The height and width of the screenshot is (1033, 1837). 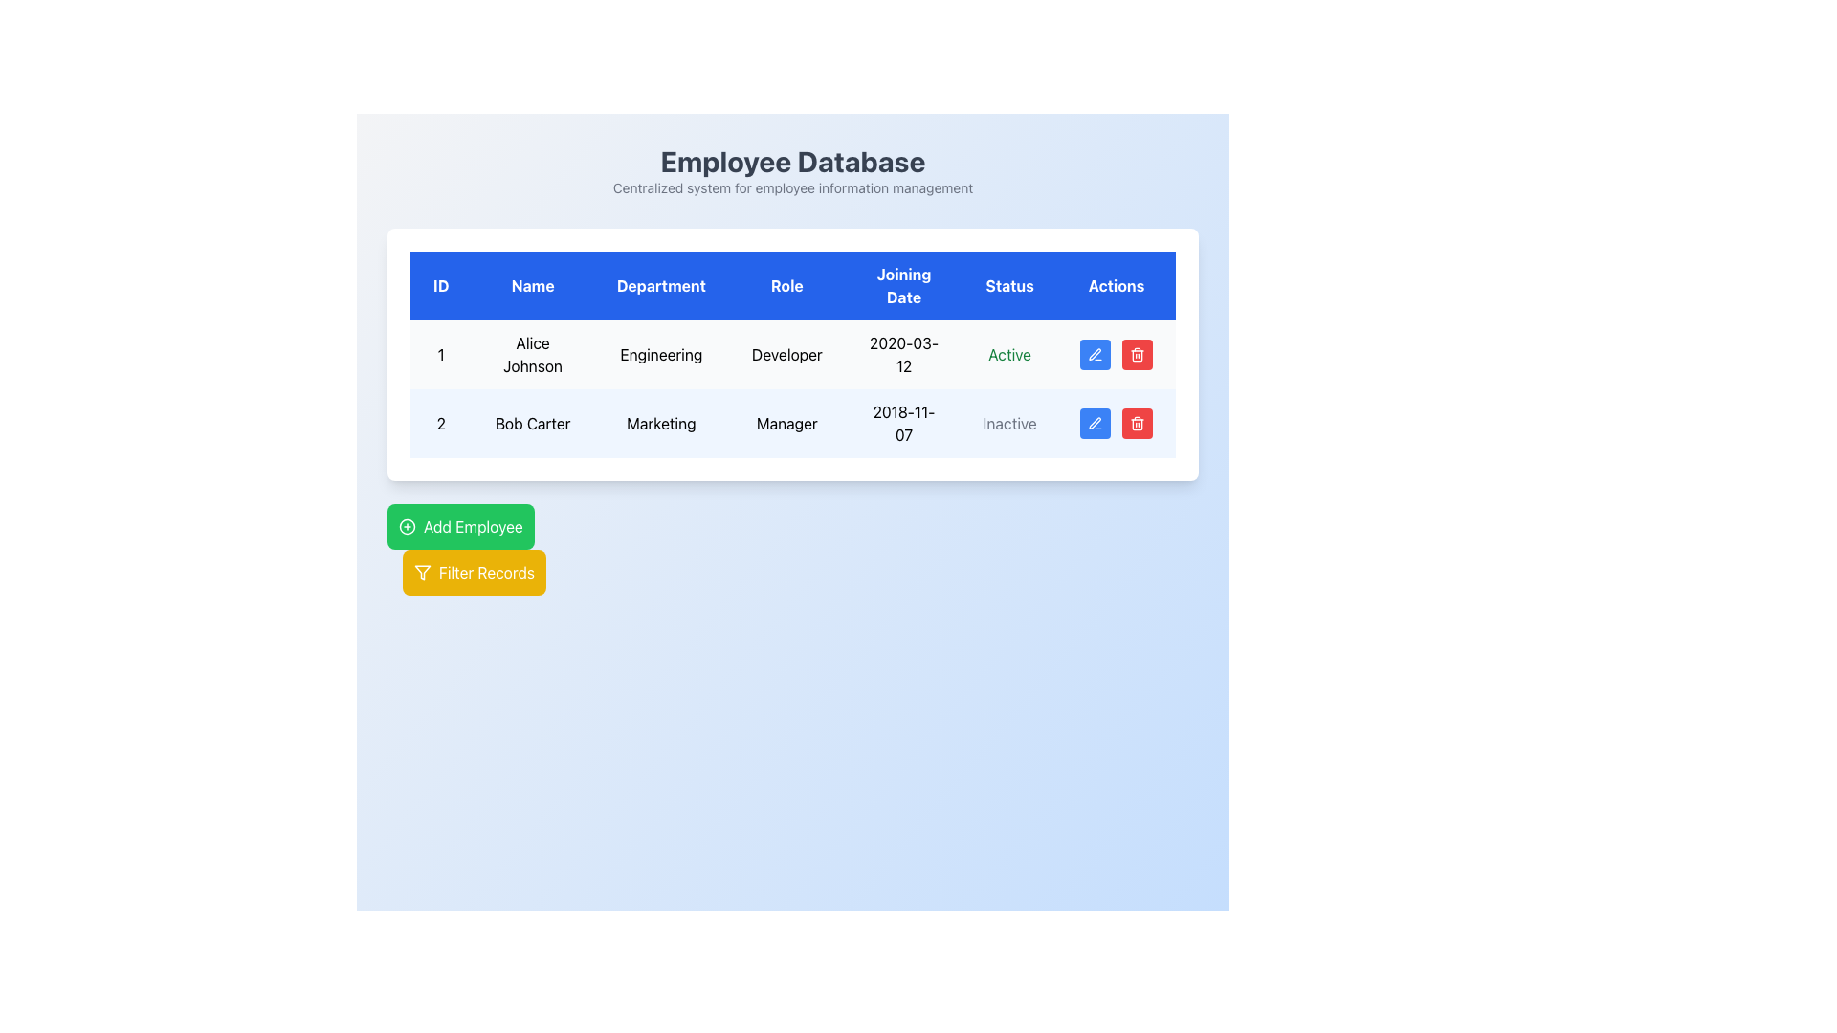 What do you see at coordinates (1095, 422) in the screenshot?
I see `the edit button/icon in the Actions column of the second row of the table` at bounding box center [1095, 422].